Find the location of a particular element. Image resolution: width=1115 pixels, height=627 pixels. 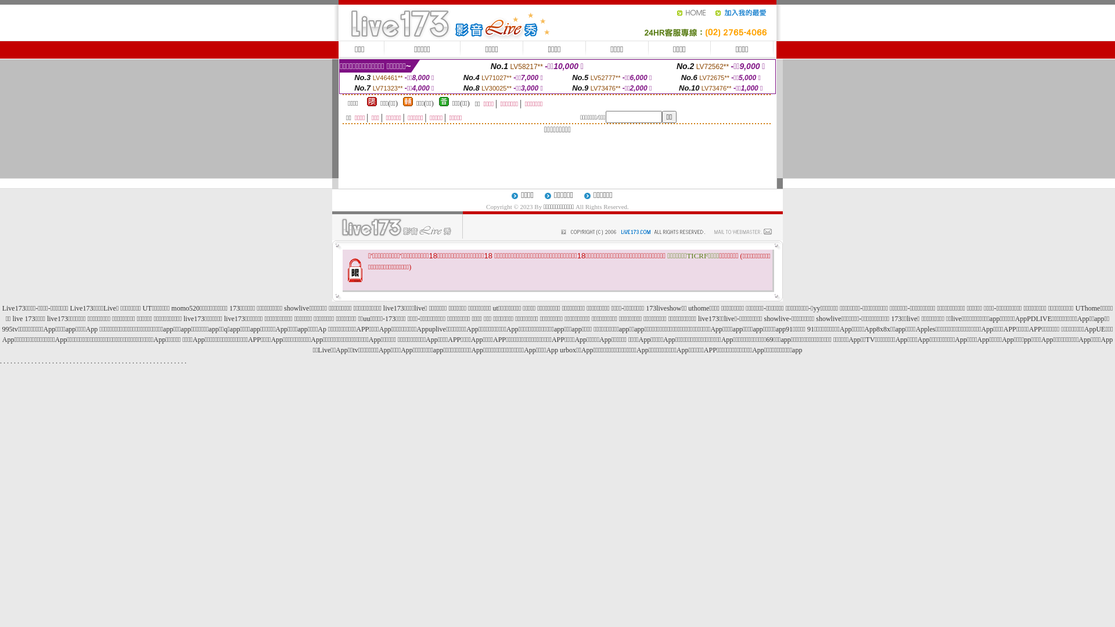

'.' is located at coordinates (128, 360).